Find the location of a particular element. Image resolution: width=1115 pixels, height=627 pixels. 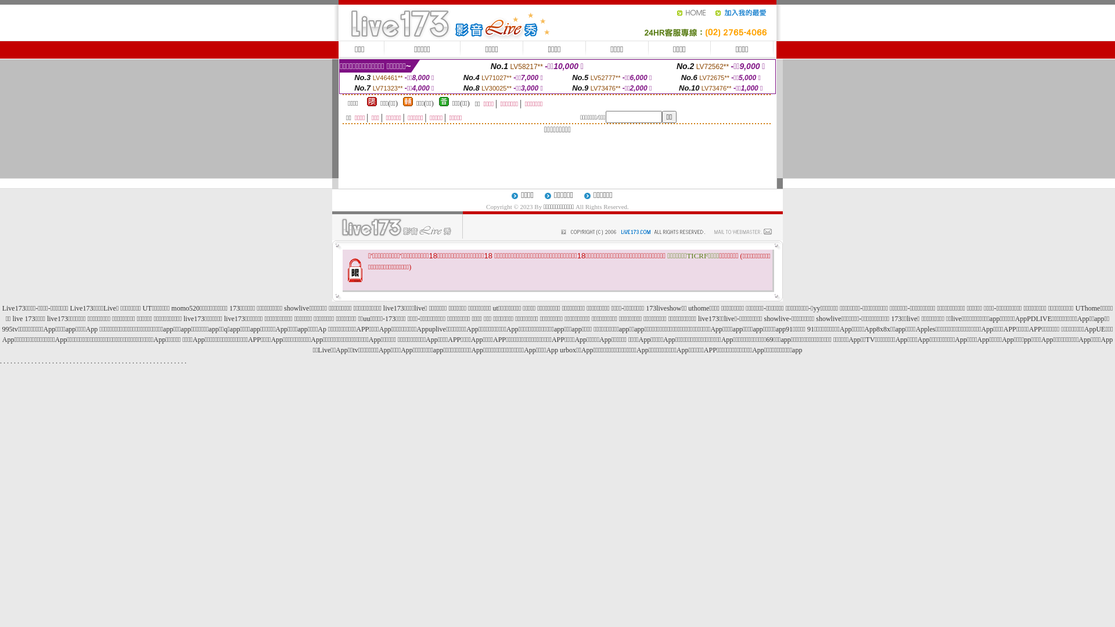

'.' is located at coordinates (128, 360).